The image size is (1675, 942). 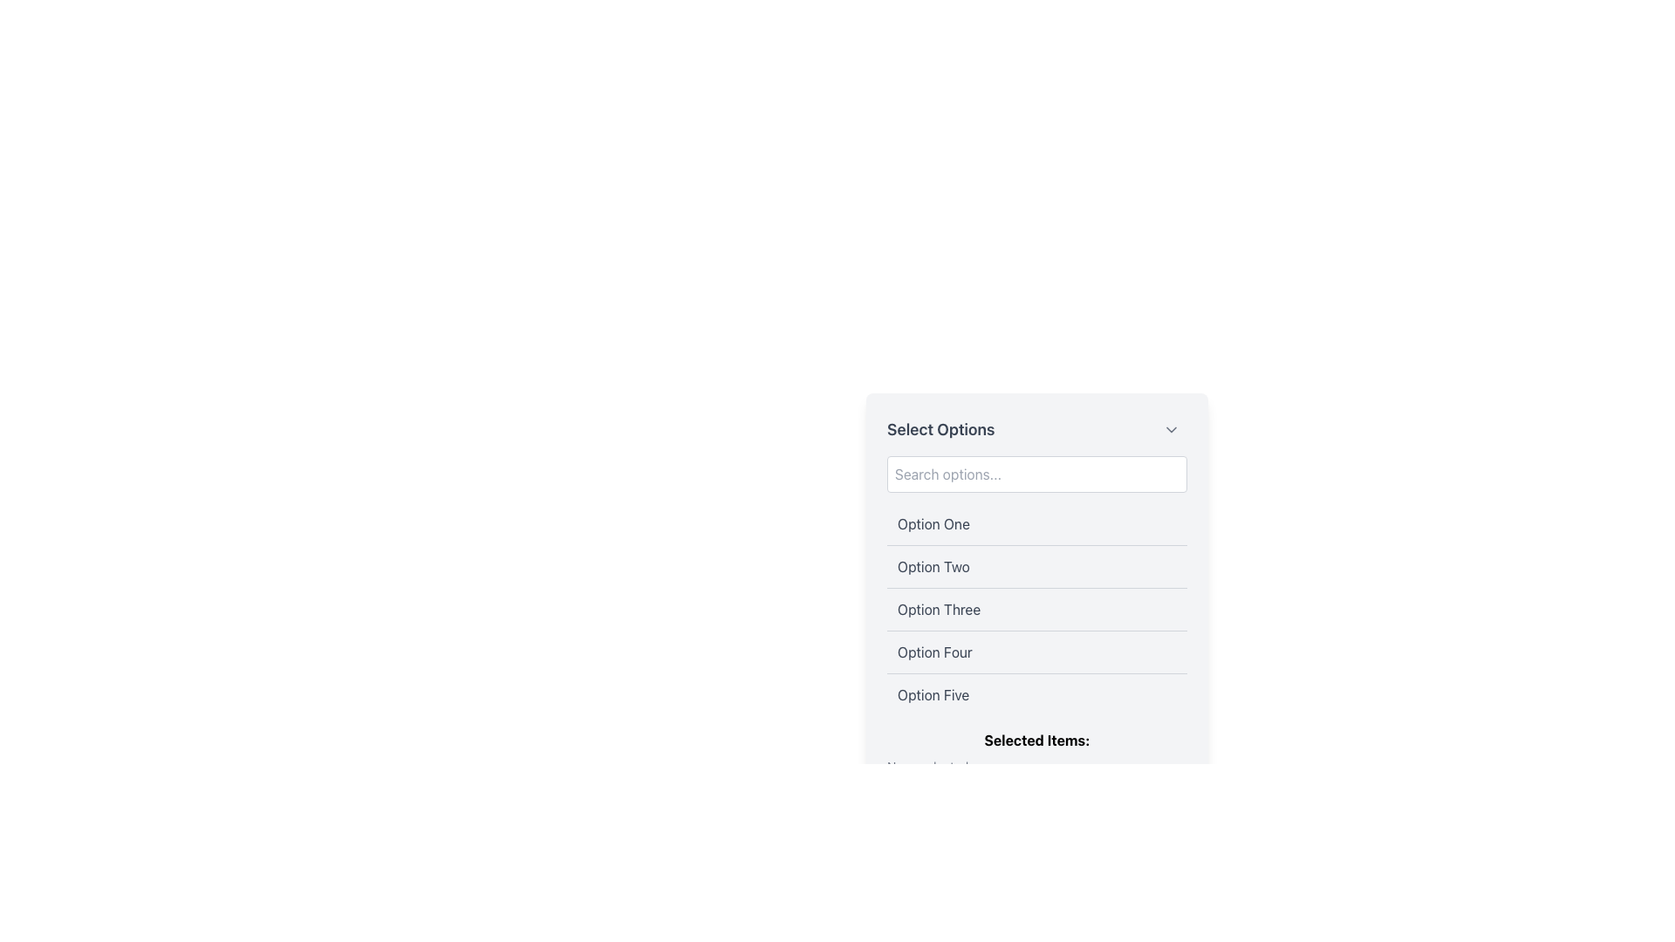 What do you see at coordinates (1172, 430) in the screenshot?
I see `the chevron-down icon located on the right side of the 'Search options...' input field within the dropdown menu titled 'Select Options'` at bounding box center [1172, 430].